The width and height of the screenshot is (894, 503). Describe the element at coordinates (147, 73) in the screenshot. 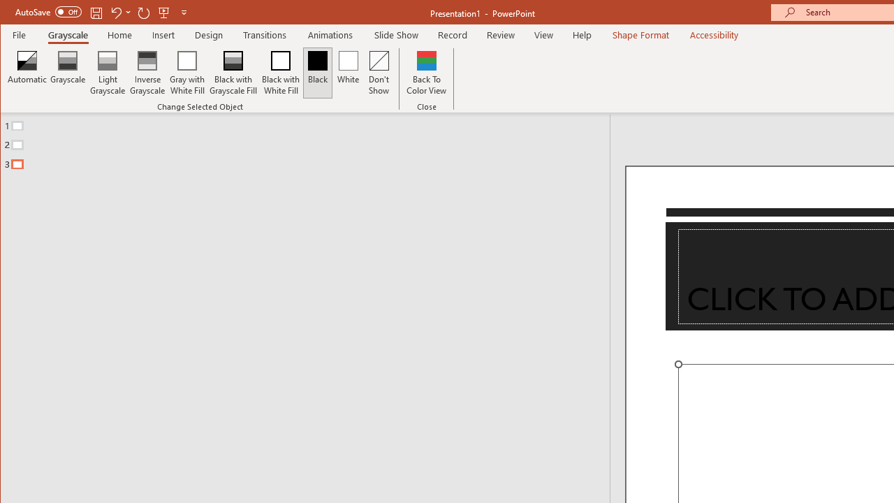

I see `'Inverse Grayscale'` at that location.